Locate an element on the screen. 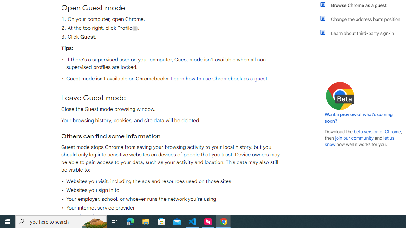  'Chrome Beta logo' is located at coordinates (340, 96).